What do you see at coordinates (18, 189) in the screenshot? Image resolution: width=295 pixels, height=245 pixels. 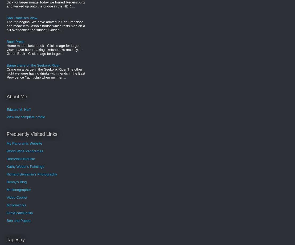 I see `'Motionographer'` at bounding box center [18, 189].